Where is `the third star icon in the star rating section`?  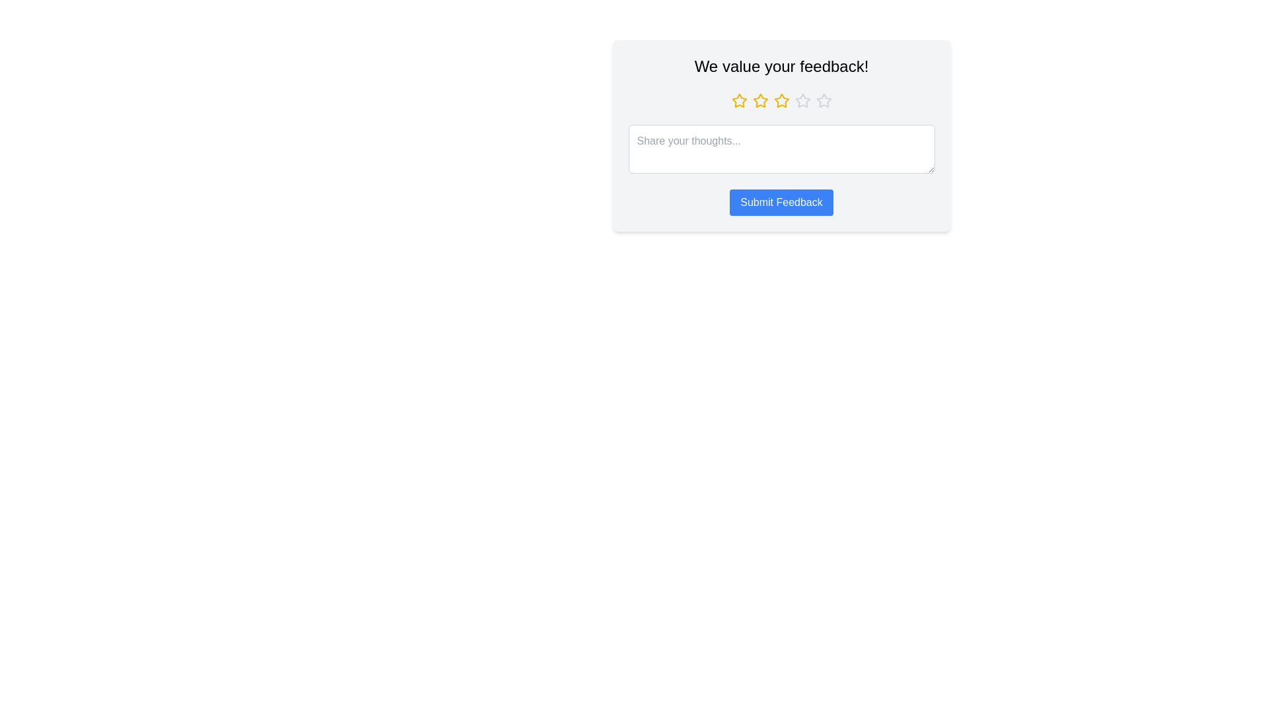 the third star icon in the star rating section is located at coordinates (781, 100).